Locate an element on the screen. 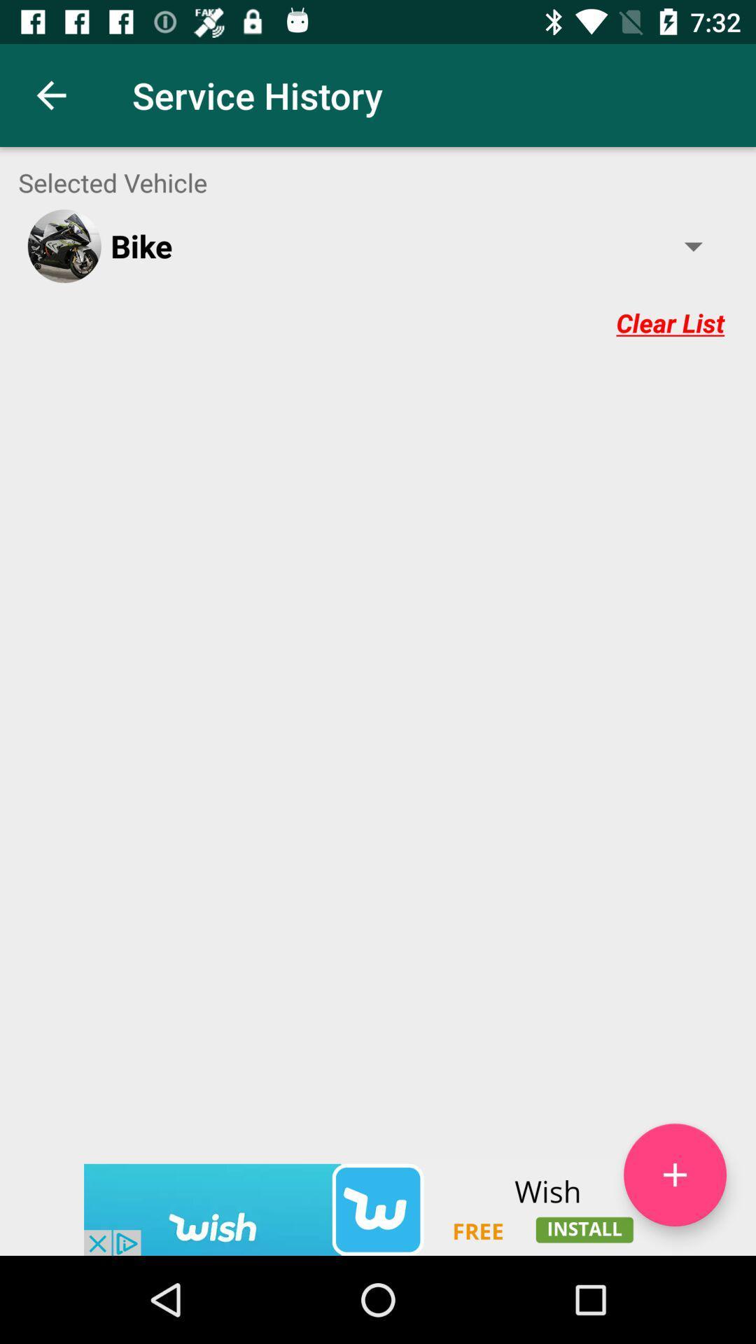 The width and height of the screenshot is (756, 1344). the option is located at coordinates (674, 1175).